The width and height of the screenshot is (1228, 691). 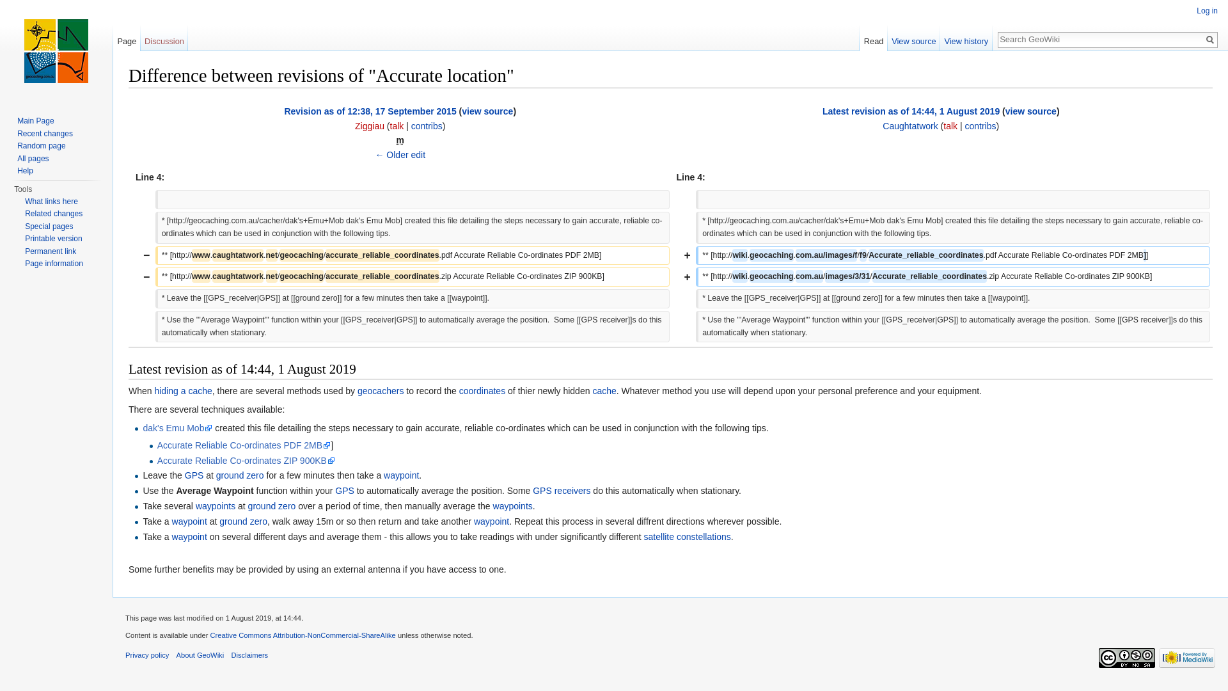 What do you see at coordinates (1100, 38) in the screenshot?
I see `'Search GeoWiki [alt-shift-f]'` at bounding box center [1100, 38].